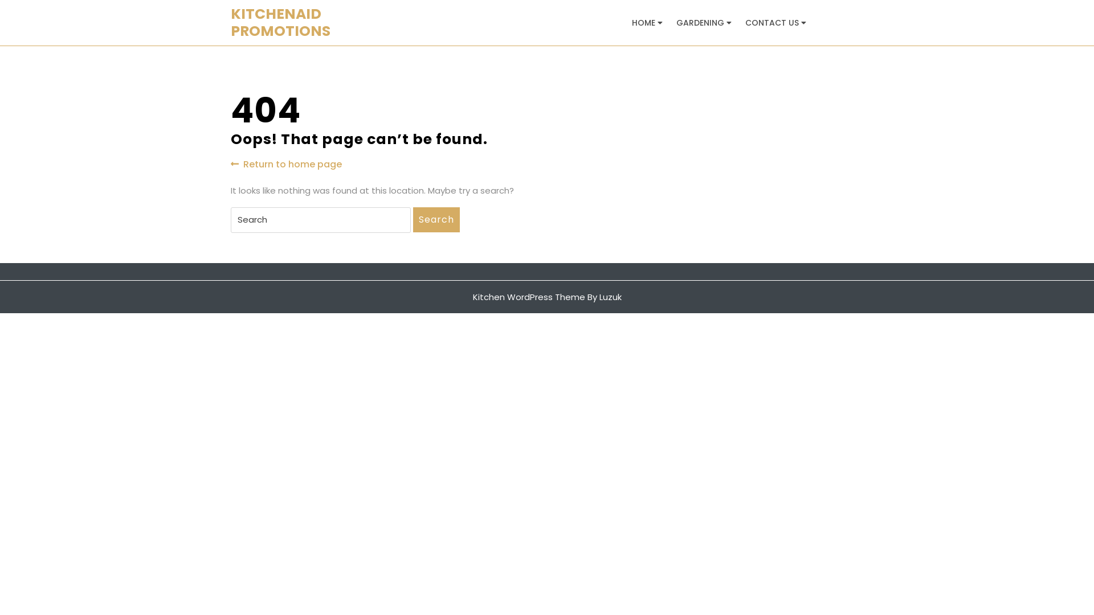  What do you see at coordinates (644, 22) in the screenshot?
I see `'HOME'` at bounding box center [644, 22].